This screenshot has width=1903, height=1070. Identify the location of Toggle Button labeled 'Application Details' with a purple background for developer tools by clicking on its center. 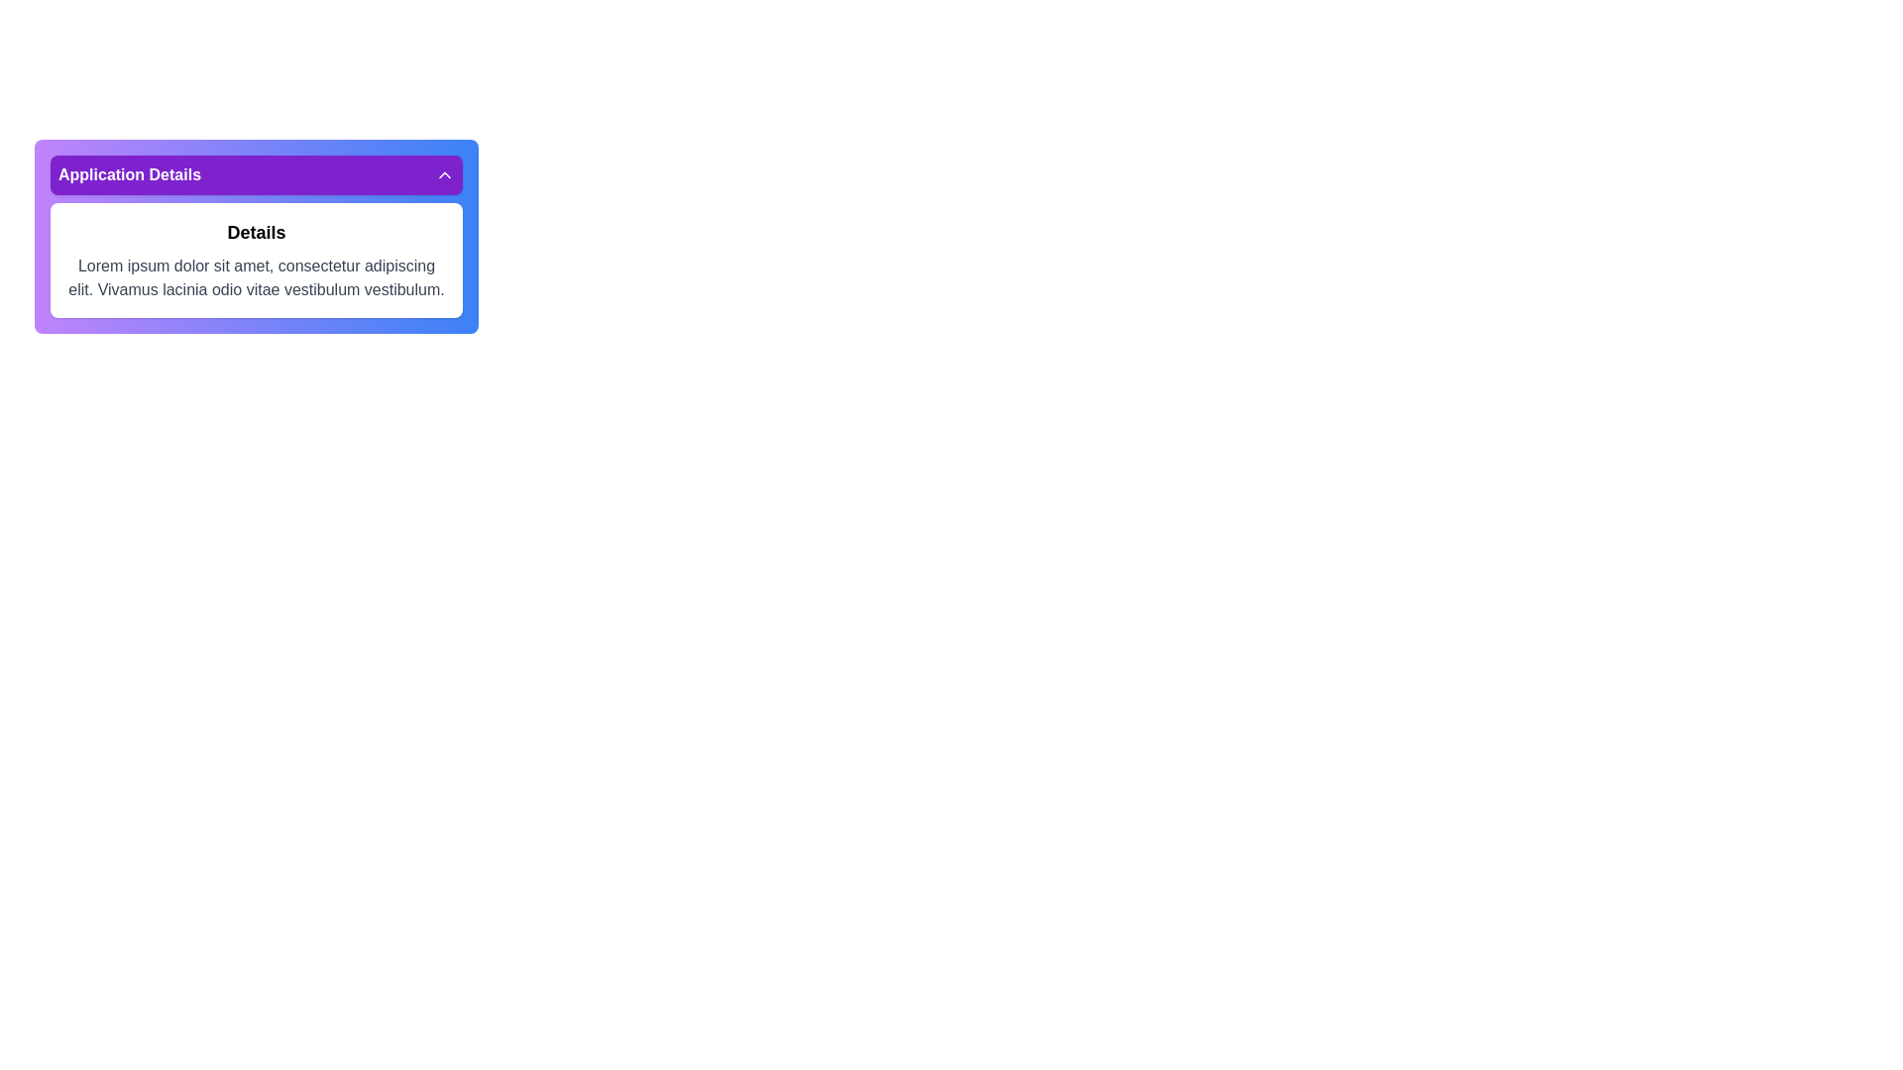
(256, 174).